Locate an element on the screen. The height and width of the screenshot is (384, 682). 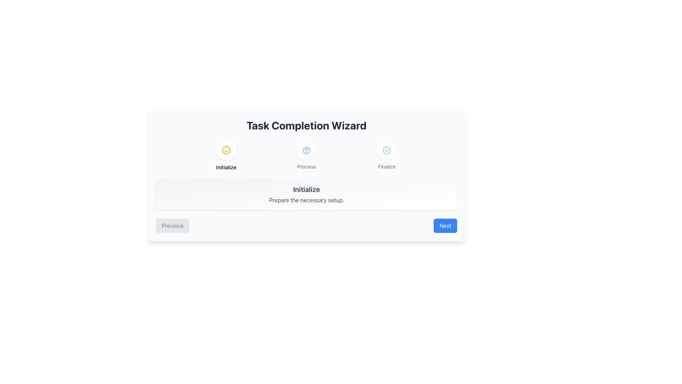
the 'Next' button with a blue background and white text is located at coordinates (445, 226).